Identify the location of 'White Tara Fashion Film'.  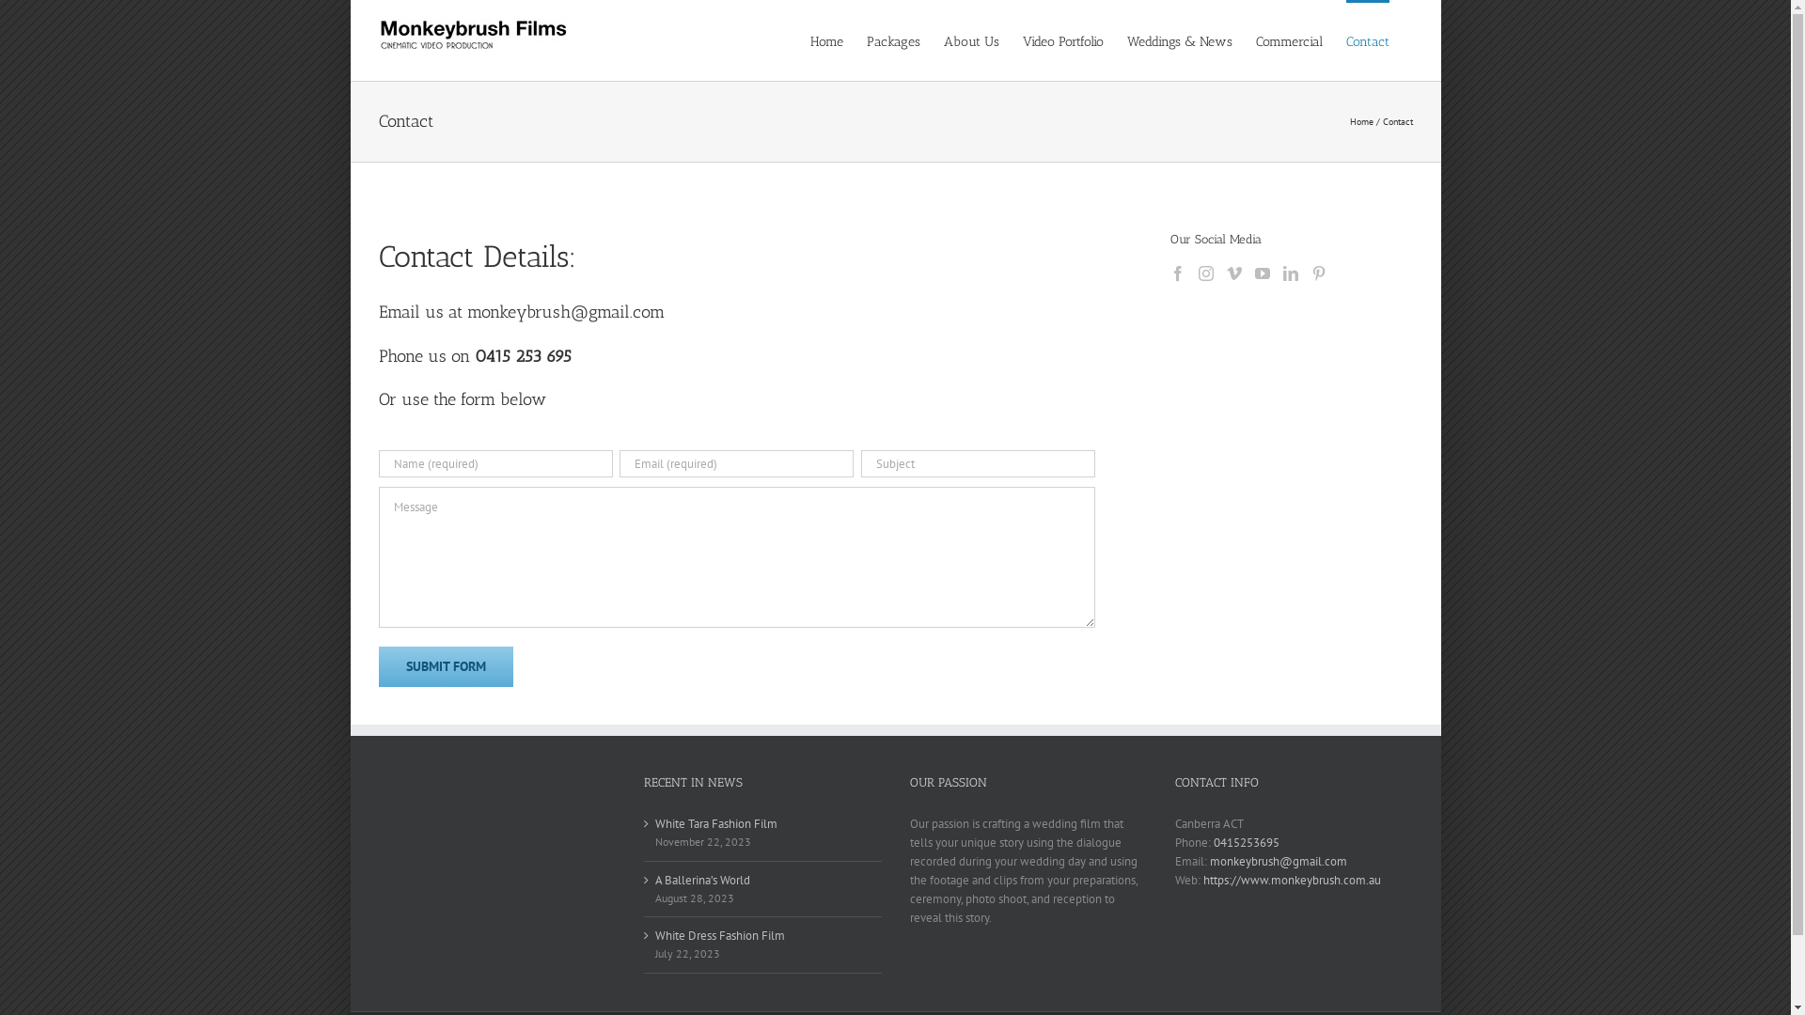
(654, 822).